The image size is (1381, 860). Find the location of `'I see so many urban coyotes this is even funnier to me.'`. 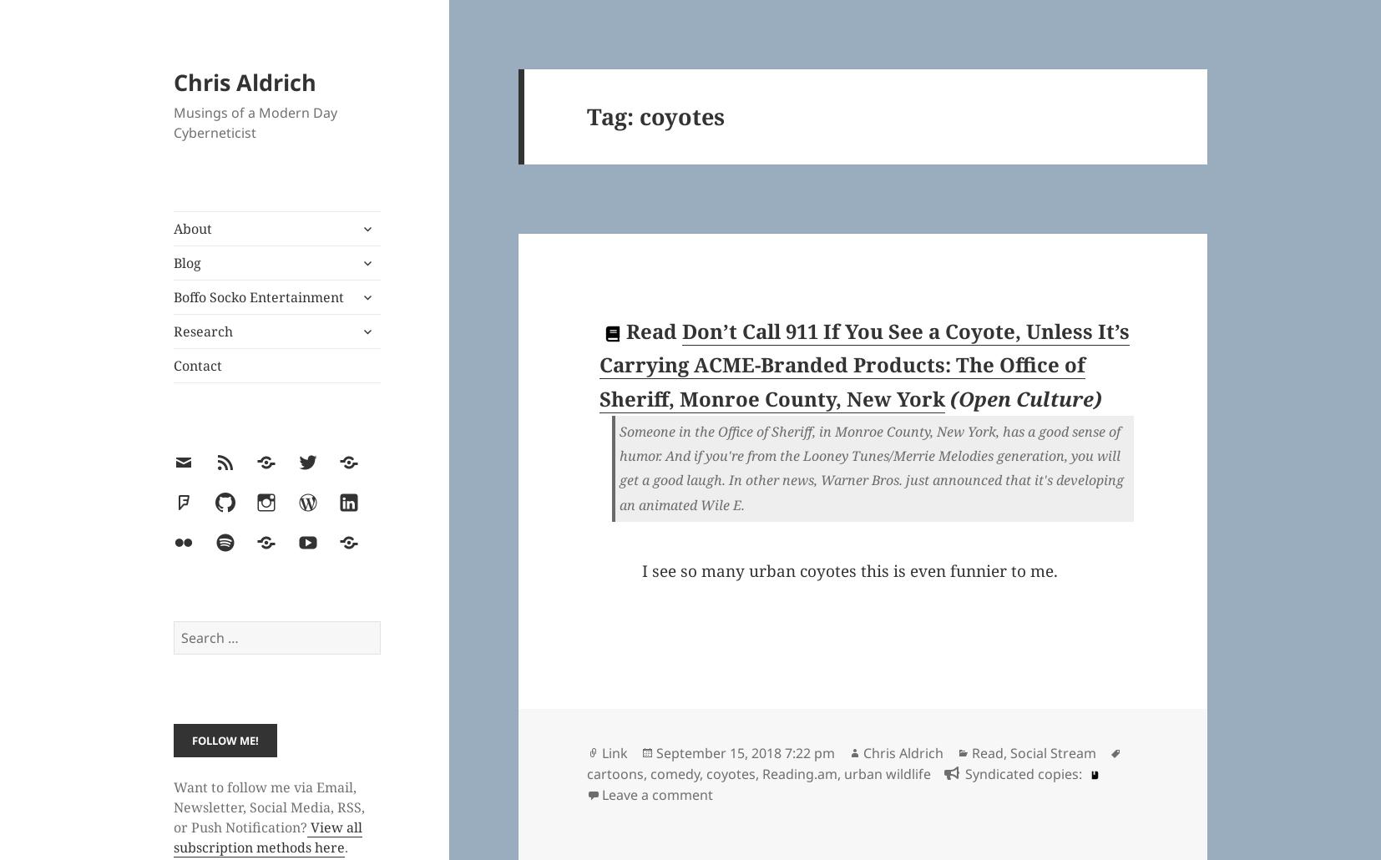

'I see so many urban coyotes this is even funnier to me.' is located at coordinates (641, 569).